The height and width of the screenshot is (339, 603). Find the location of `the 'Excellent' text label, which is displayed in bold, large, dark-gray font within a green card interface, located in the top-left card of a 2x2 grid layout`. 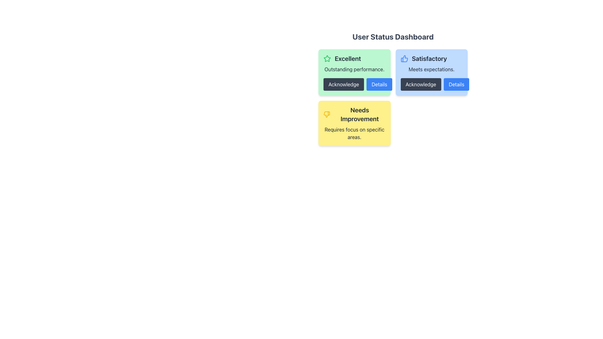

the 'Excellent' text label, which is displayed in bold, large, dark-gray font within a green card interface, located in the top-left card of a 2x2 grid layout is located at coordinates (347, 58).